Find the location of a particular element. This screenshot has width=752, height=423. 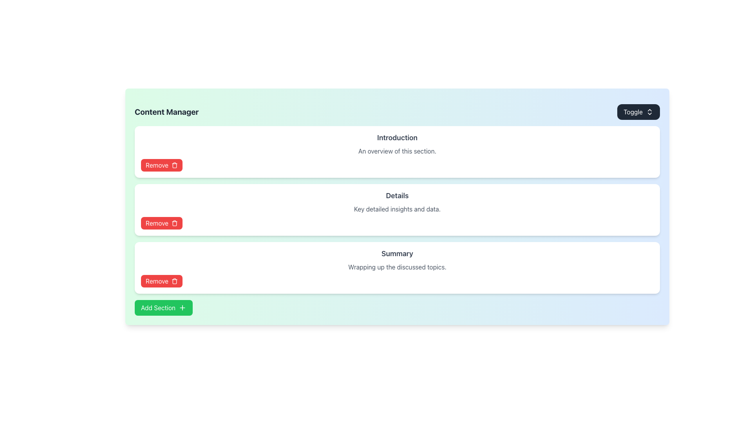

the button located at the bottom of the 'Summary' section is located at coordinates (161, 280).